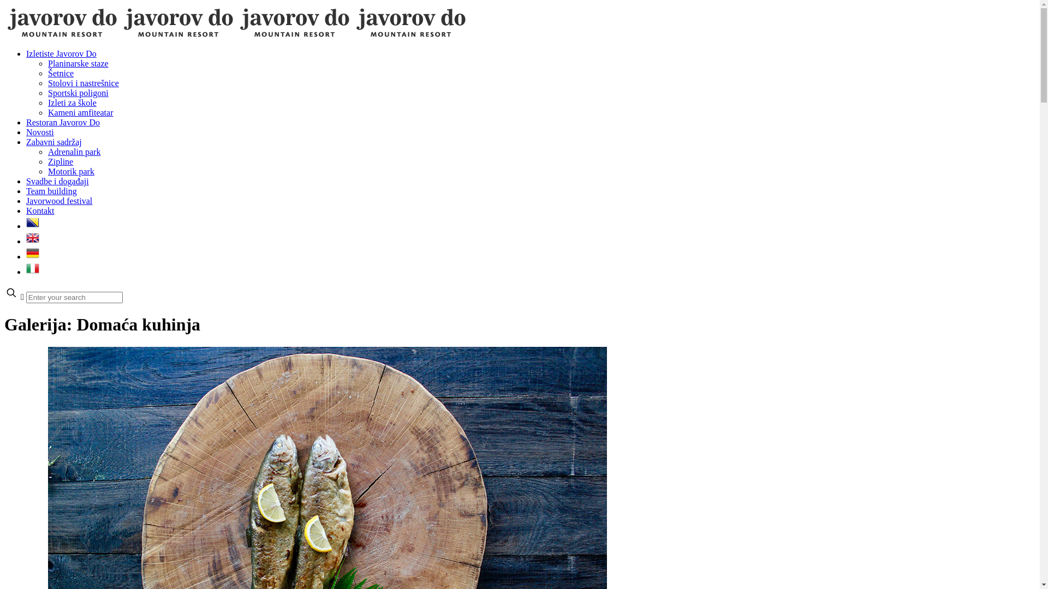  I want to click on 'Italian', so click(32, 271).